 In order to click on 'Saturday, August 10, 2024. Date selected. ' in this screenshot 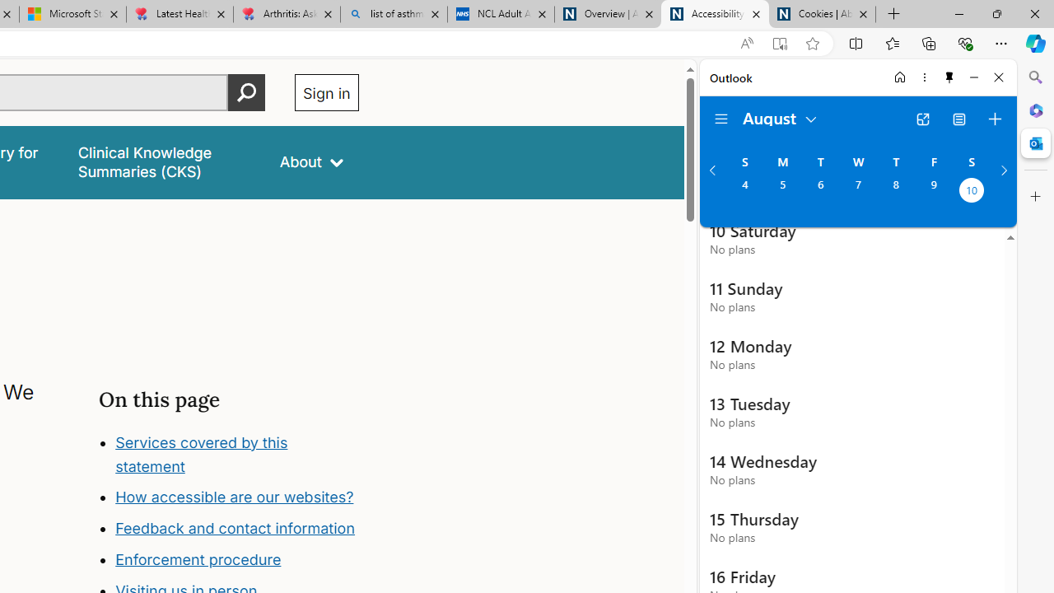, I will do `click(972, 191)`.